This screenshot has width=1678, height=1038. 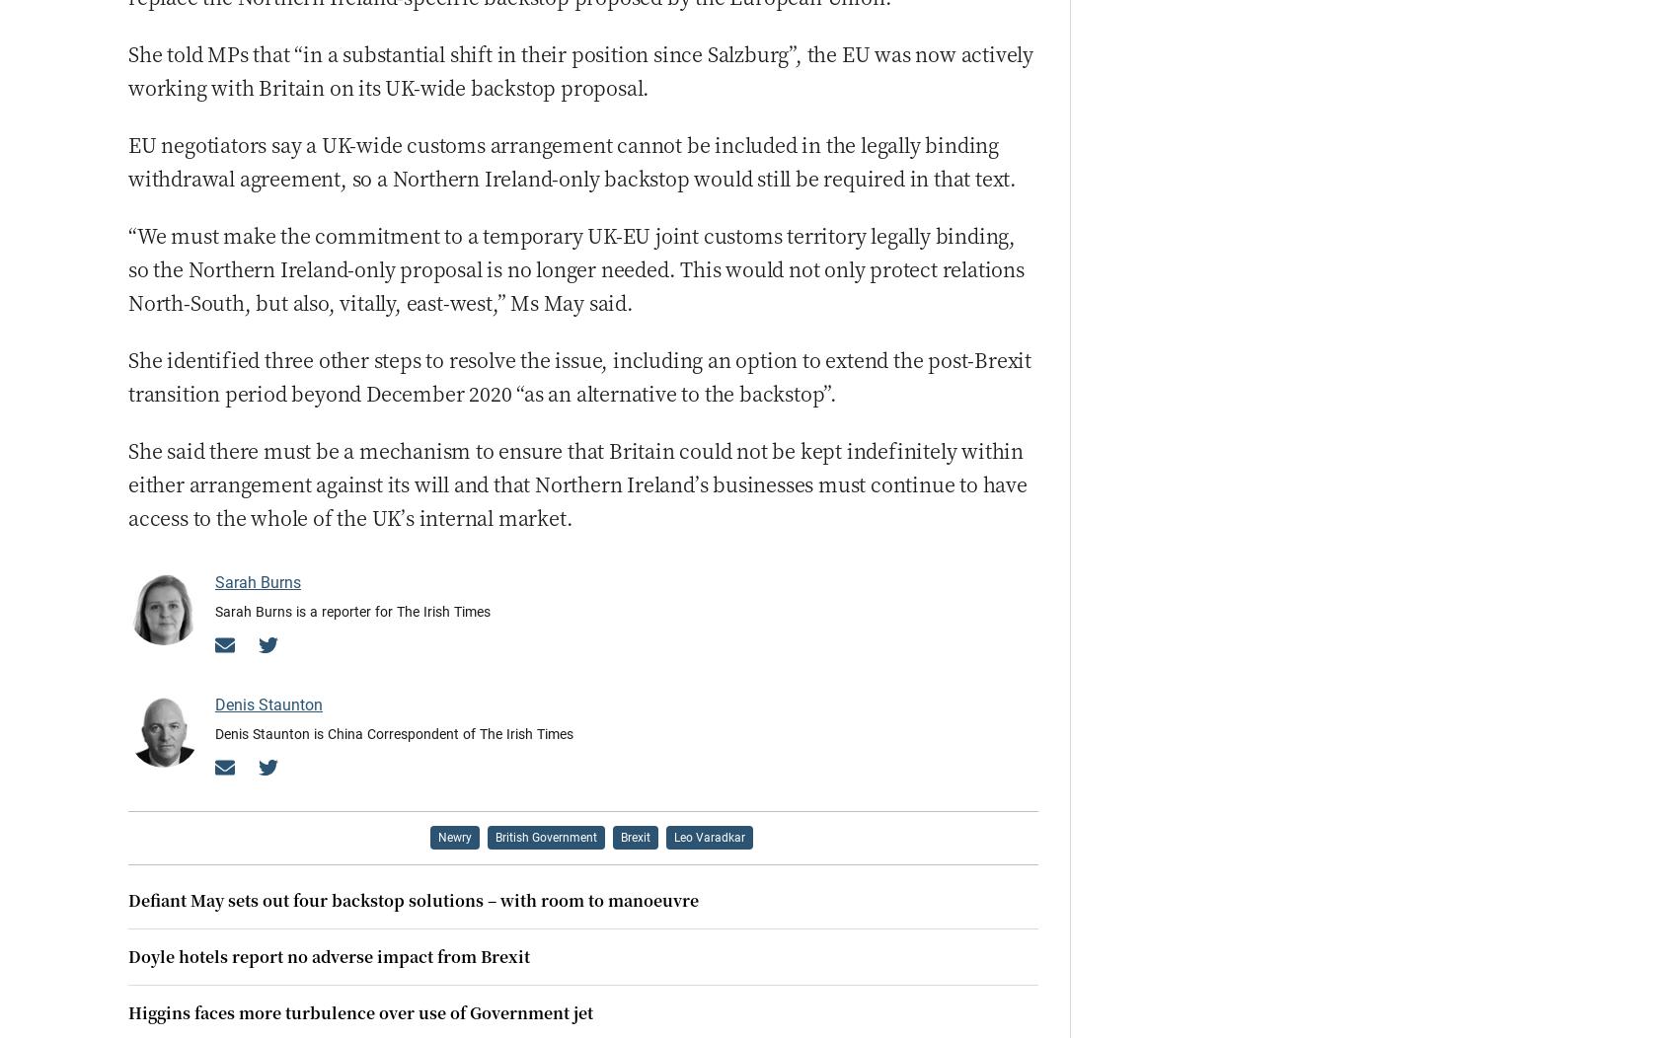 I want to click on 'Higgins faces more turbulence over use of Government jet', so click(x=359, y=1010).